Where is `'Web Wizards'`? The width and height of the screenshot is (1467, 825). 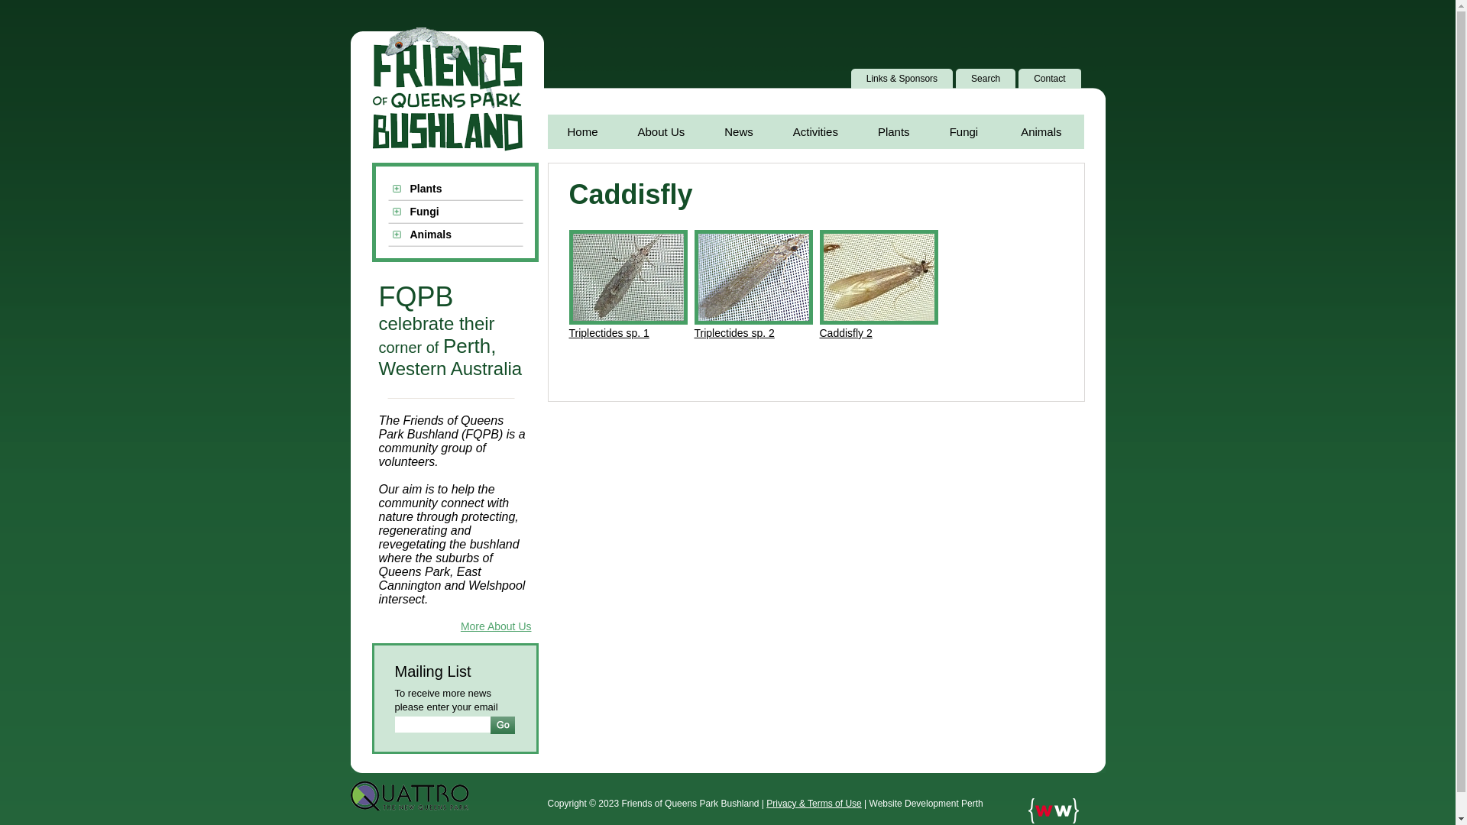 'Web Wizards' is located at coordinates (1052, 810).